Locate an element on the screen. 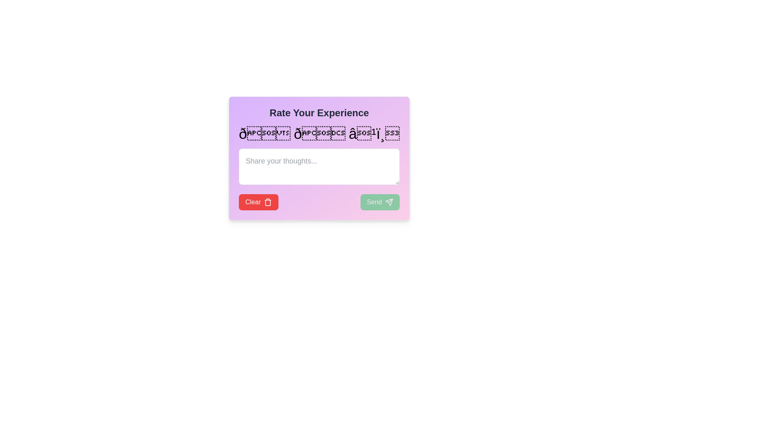 This screenshot has height=436, width=776. the Text Header that indicates the purpose of the section for rating an experience, positioned at the top center of a gradient-colored card with rounded corners is located at coordinates (319, 113).